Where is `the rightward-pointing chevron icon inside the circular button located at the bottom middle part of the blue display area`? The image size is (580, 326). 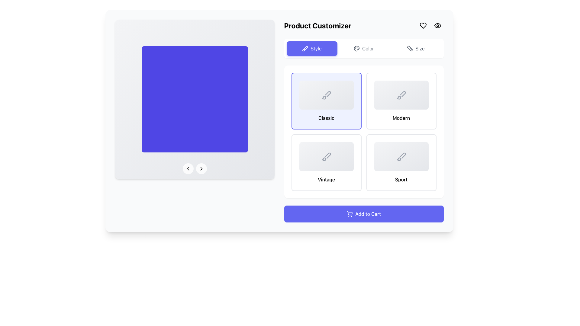
the rightward-pointing chevron icon inside the circular button located at the bottom middle part of the blue display area is located at coordinates (201, 169).